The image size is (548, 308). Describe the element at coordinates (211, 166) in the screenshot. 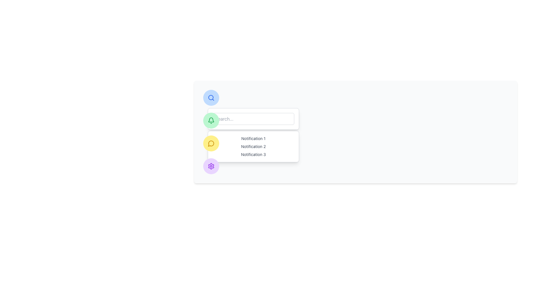

I see `the circular settings button with a purple background and gear icon located at the bottom of the vertical stack of buttons on the left side of the interface` at that location.